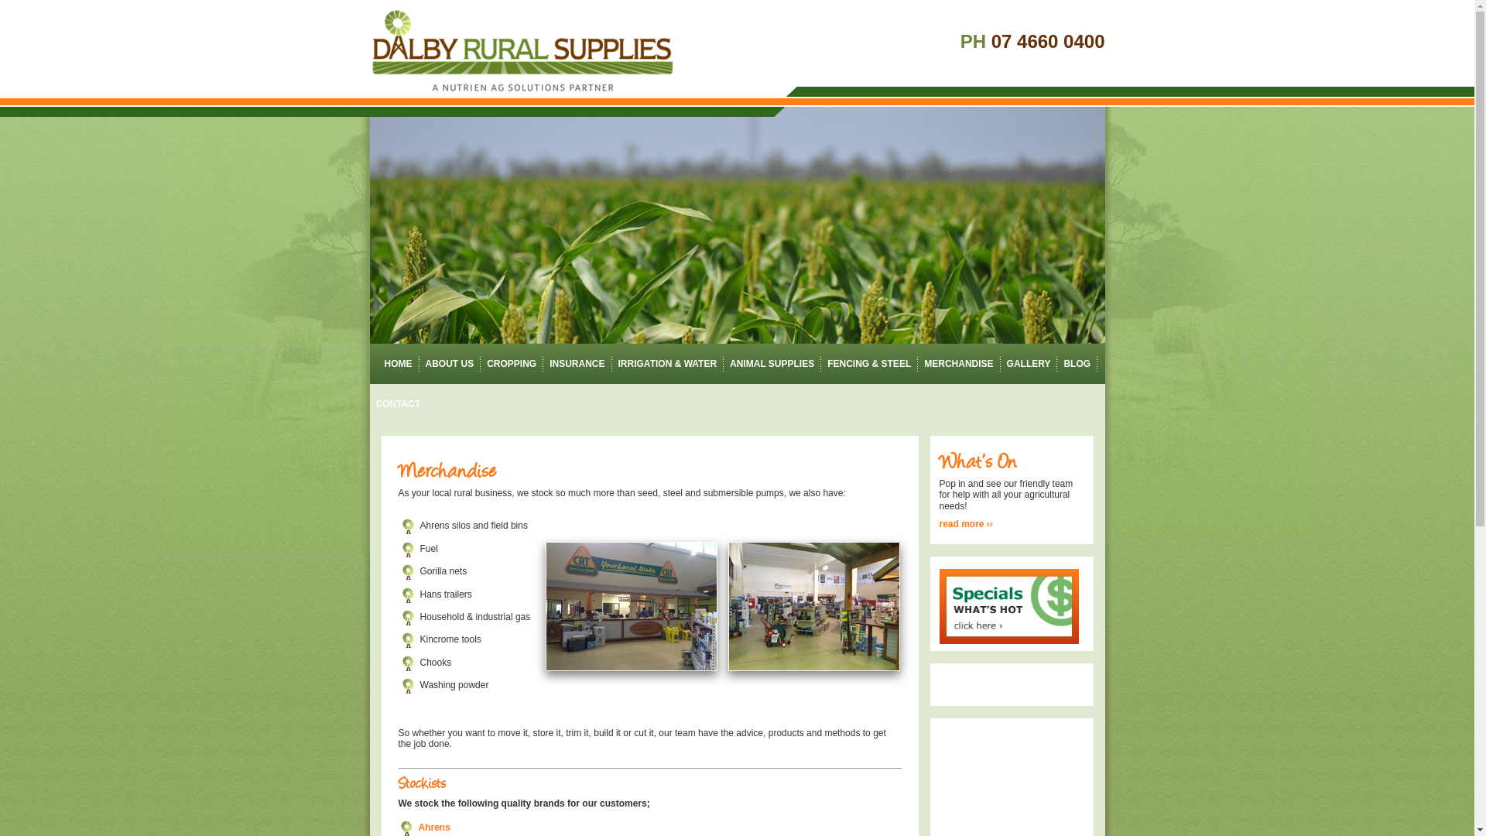 The width and height of the screenshot is (1486, 836). What do you see at coordinates (417, 826) in the screenshot?
I see `'Ahrens'` at bounding box center [417, 826].